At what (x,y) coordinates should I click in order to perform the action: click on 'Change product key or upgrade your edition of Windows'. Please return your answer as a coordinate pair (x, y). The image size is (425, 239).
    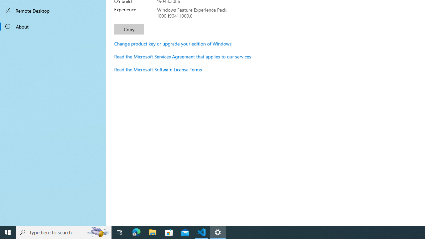
    Looking at the image, I should click on (173, 43).